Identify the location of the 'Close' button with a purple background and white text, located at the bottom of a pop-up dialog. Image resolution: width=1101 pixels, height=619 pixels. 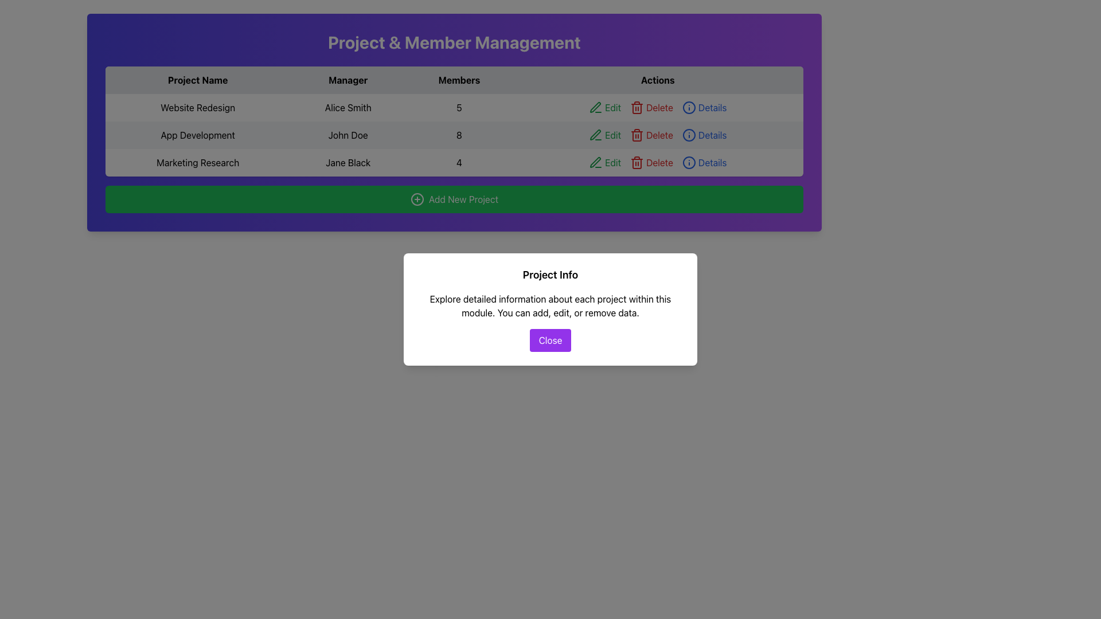
(550, 340).